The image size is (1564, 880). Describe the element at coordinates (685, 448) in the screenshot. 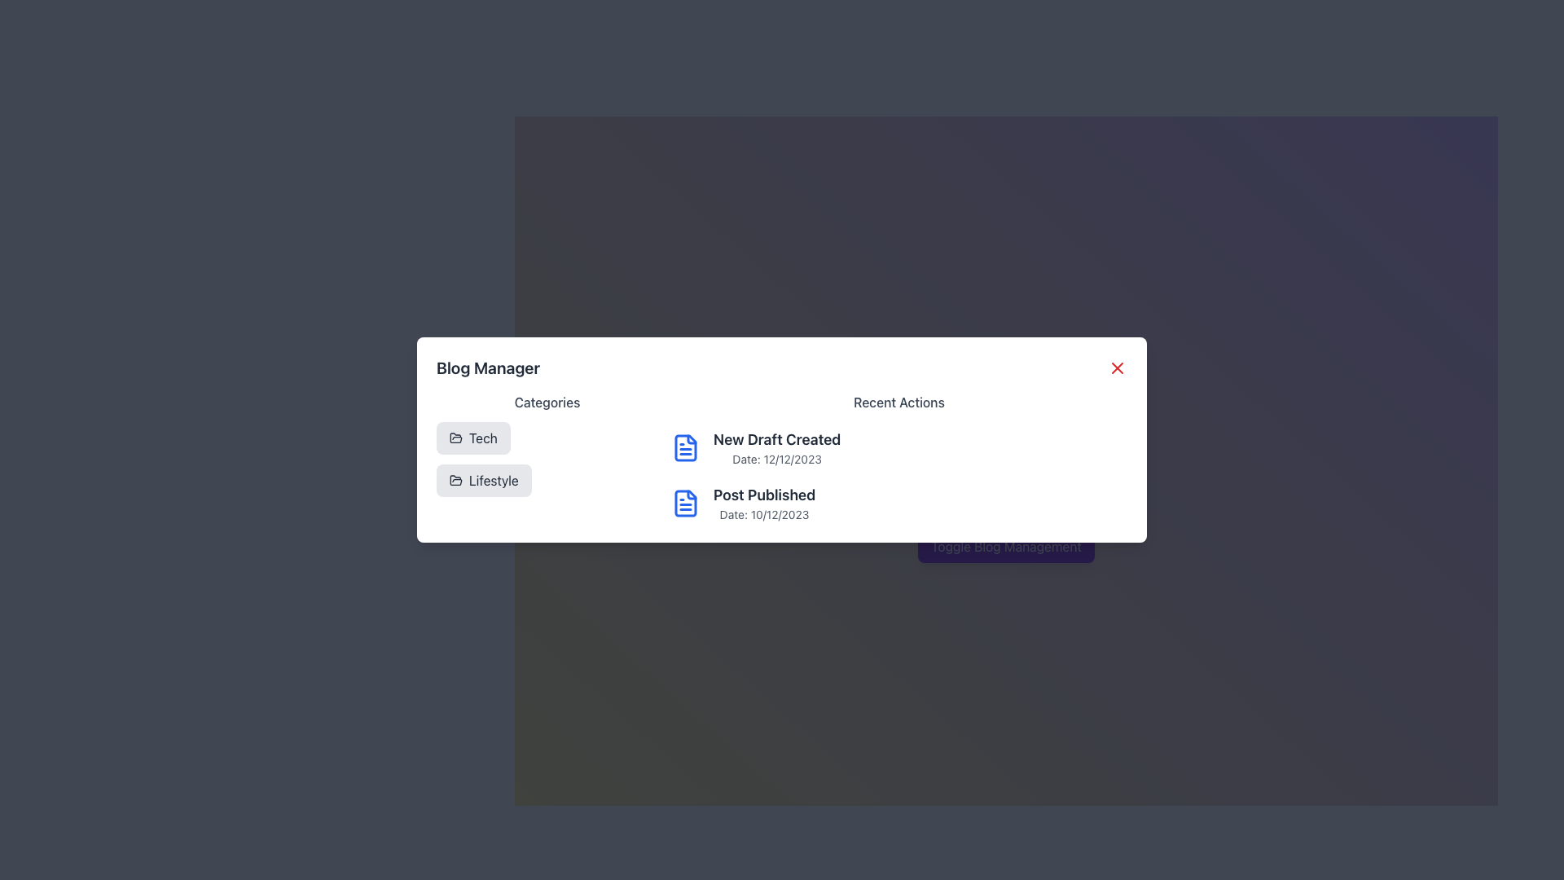

I see `the SVG-based icon representing 'New Draft Created' in the 'Recent Actions' section of the 'Blog Manager' dialog box` at that location.